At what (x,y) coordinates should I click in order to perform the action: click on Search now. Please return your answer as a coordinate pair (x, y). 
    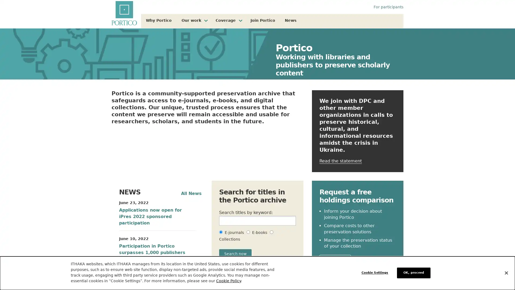
    Looking at the image, I should click on (235, 254).